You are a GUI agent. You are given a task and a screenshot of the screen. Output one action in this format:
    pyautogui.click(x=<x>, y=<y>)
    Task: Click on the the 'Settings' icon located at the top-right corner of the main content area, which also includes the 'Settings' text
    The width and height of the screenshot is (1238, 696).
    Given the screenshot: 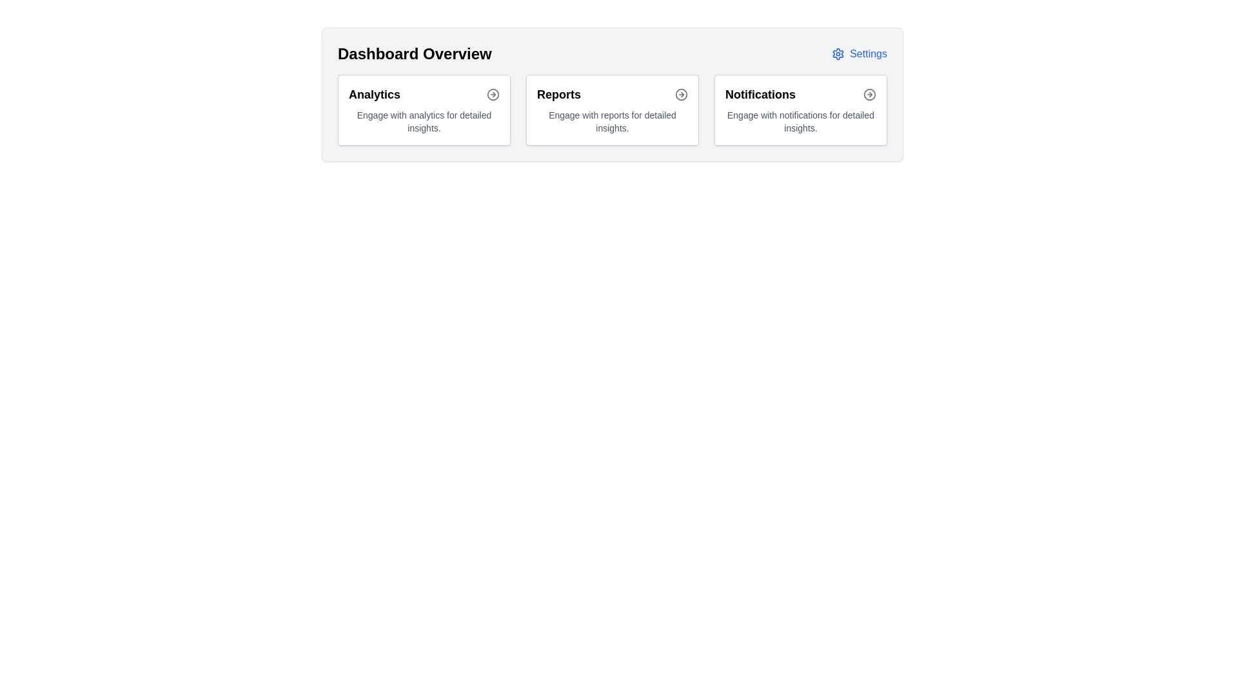 What is the action you would take?
    pyautogui.click(x=838, y=53)
    